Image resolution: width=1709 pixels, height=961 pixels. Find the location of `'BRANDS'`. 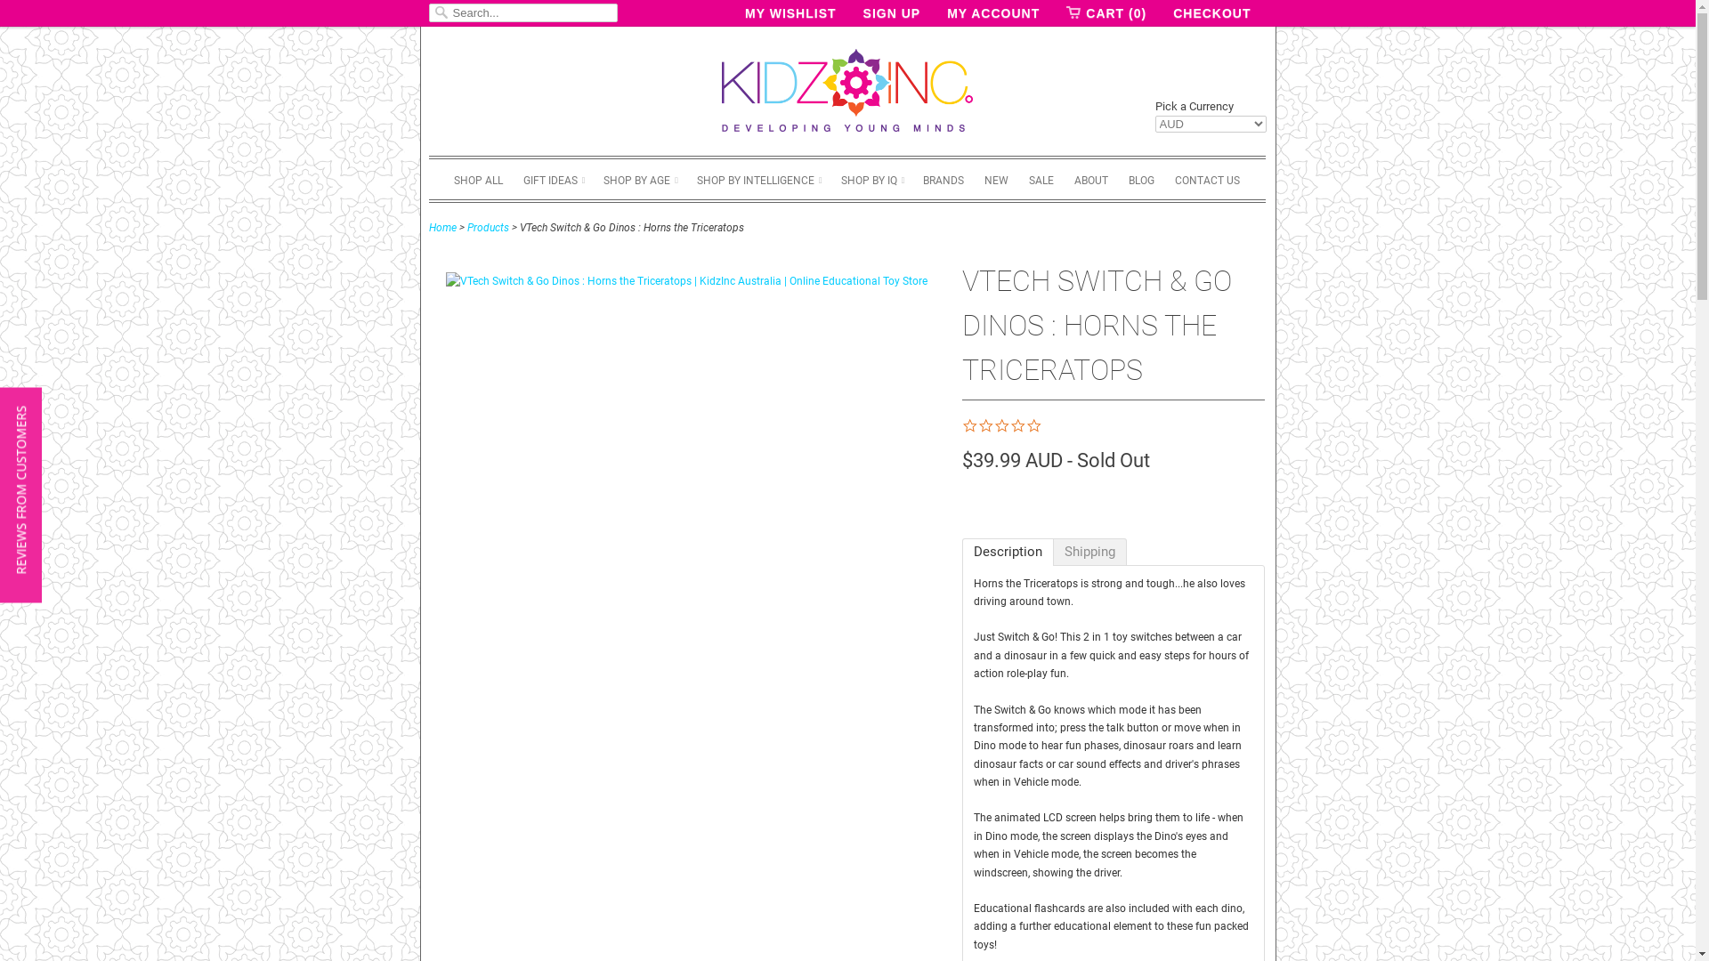

'BRANDS' is located at coordinates (922, 179).